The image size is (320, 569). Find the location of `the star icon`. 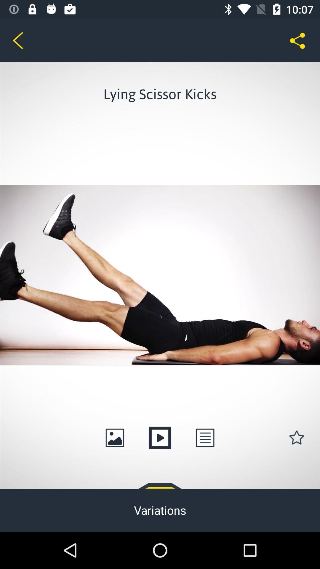

the star icon is located at coordinates (297, 437).